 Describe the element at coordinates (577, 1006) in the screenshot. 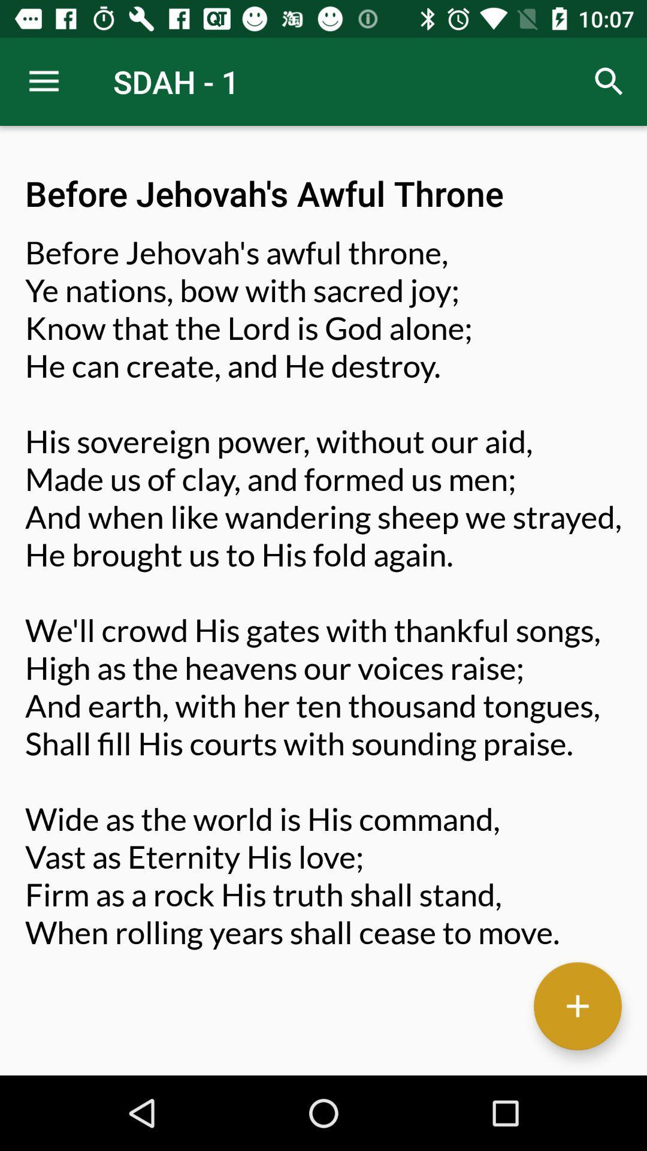

I see `button` at that location.